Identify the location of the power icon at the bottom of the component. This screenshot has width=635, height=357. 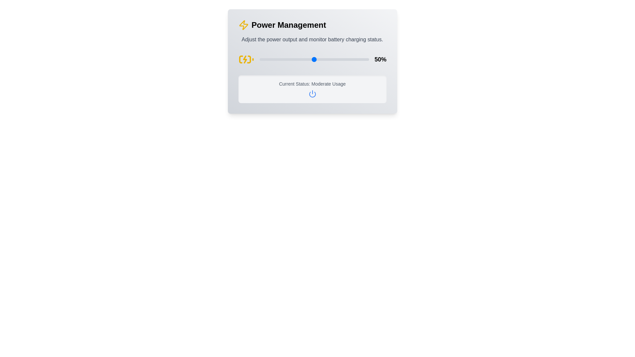
(312, 94).